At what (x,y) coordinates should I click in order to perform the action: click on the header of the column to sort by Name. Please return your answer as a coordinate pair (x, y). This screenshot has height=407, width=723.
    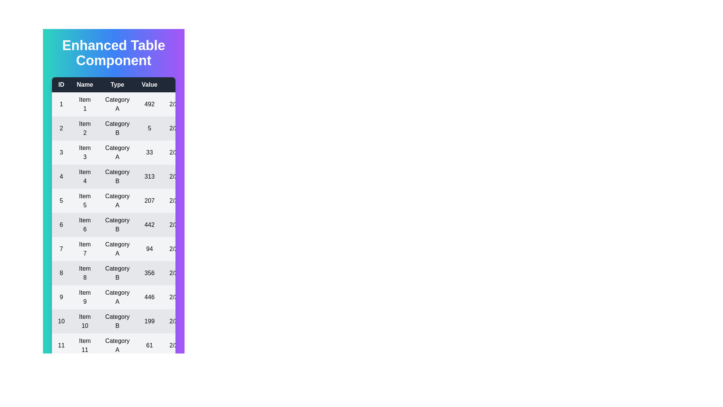
    Looking at the image, I should click on (85, 84).